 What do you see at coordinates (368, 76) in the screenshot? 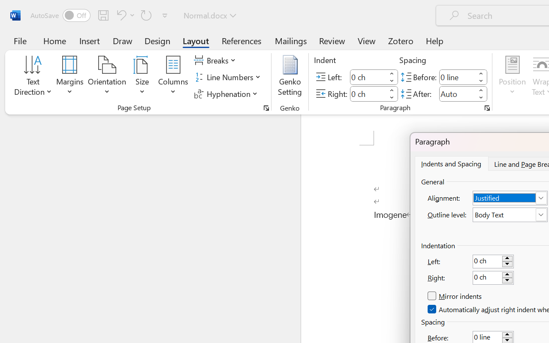
I see `'Indent Left'` at bounding box center [368, 76].